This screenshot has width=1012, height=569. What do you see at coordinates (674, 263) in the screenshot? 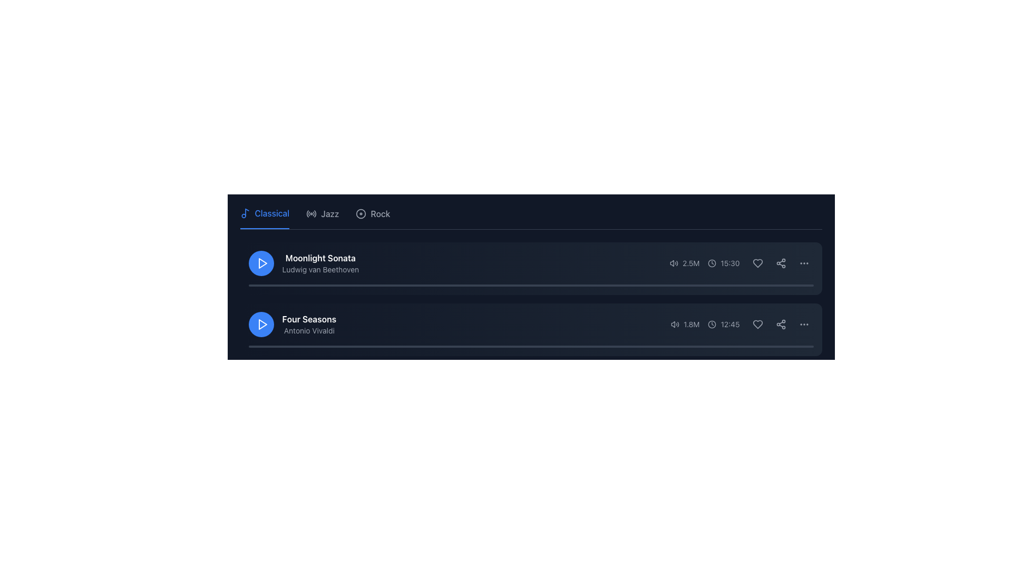
I see `the small, line-based speaker icon that indicates sound, located to the left of the text '2.5M' and near the duration display '15:30'` at bounding box center [674, 263].